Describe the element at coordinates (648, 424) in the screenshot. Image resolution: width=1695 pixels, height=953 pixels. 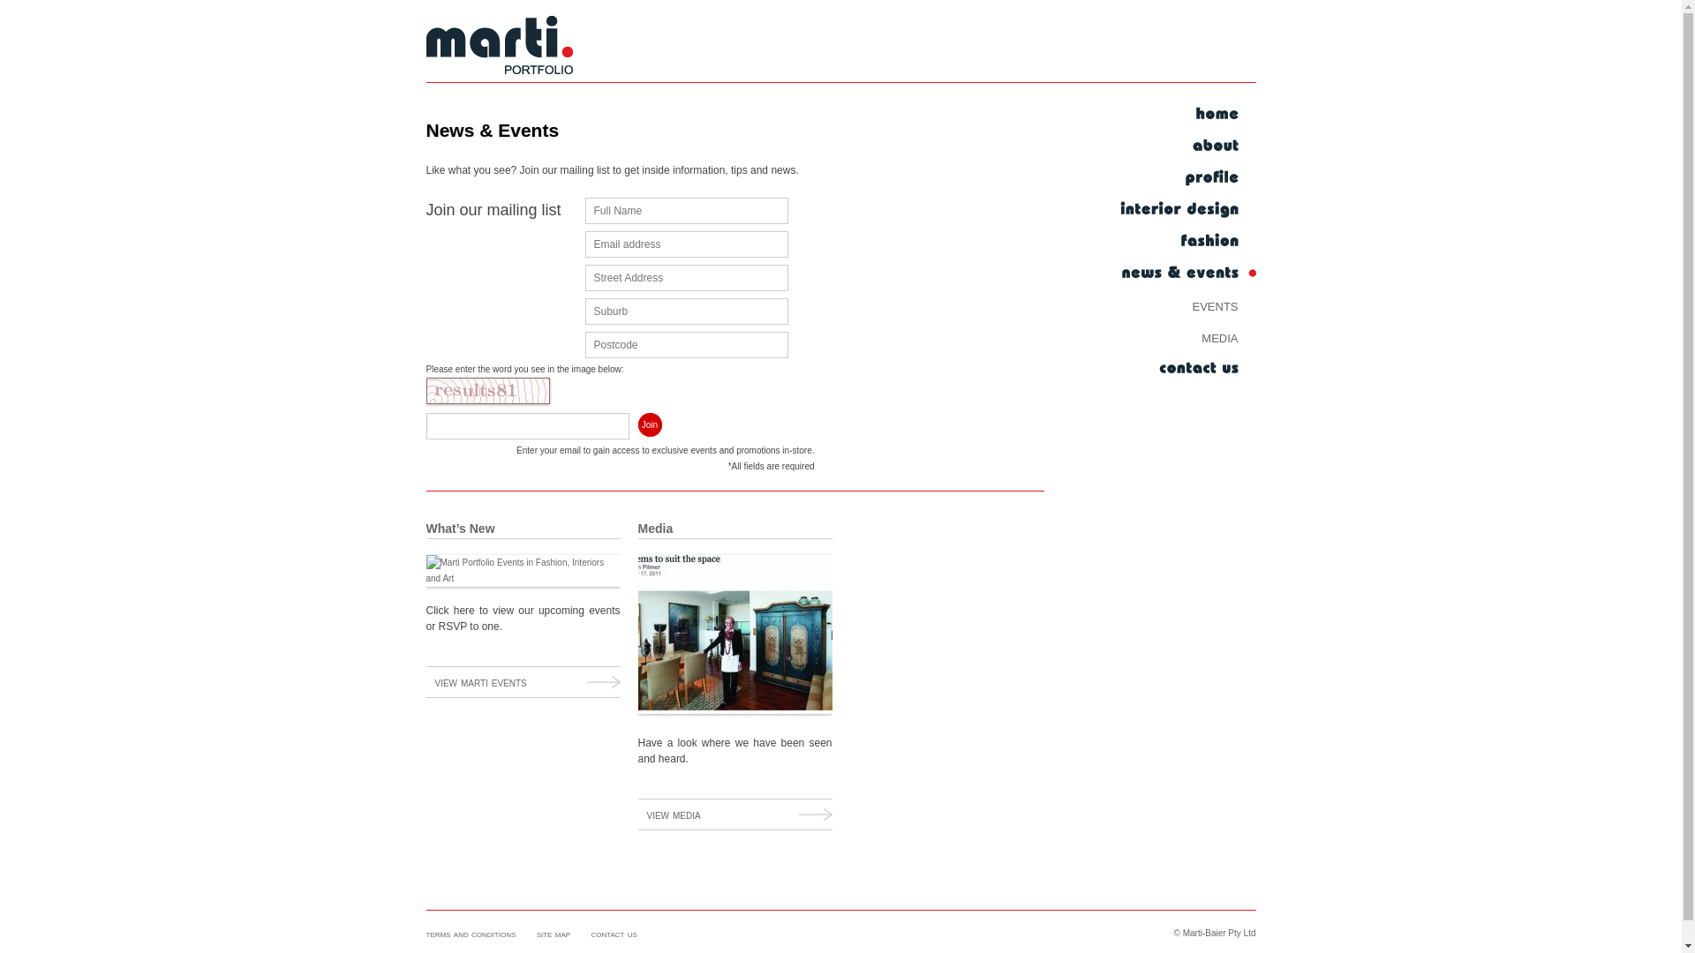
I see `'Join'` at that location.